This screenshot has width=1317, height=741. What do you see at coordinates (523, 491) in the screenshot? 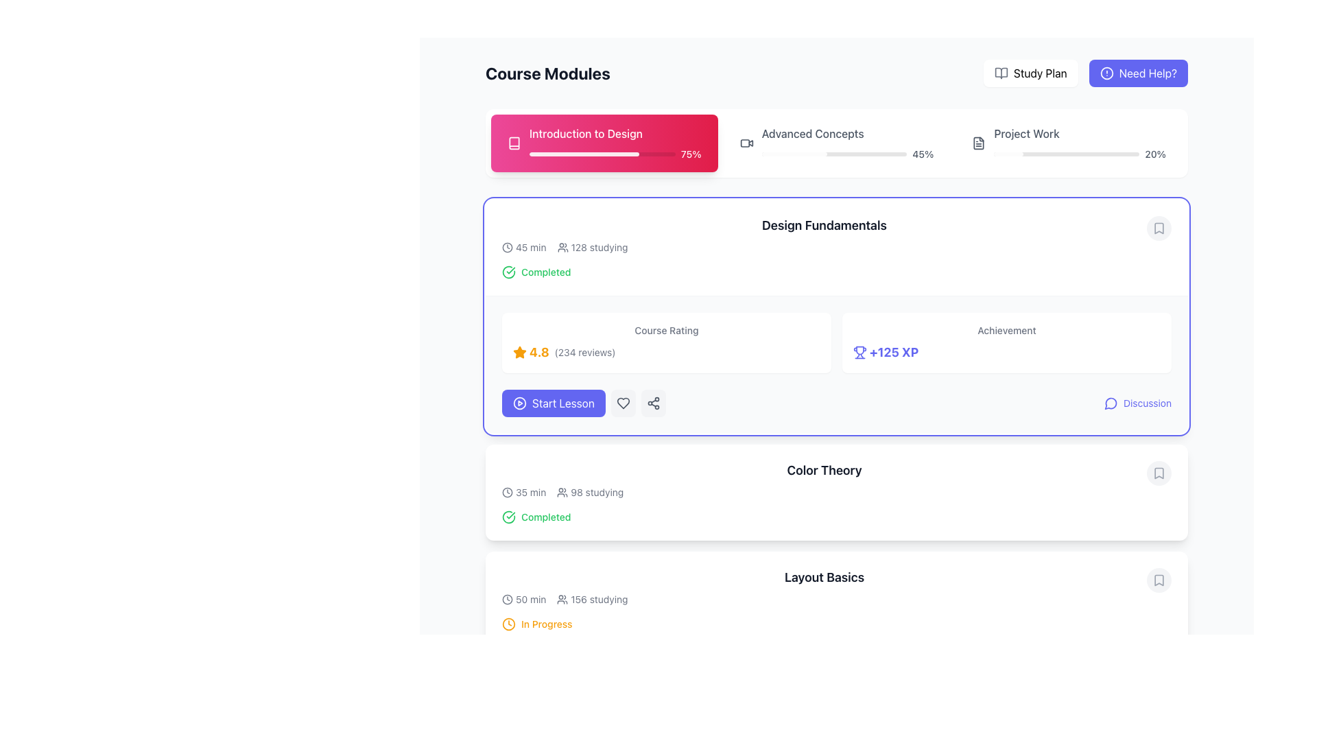
I see `time duration displayed in the text label indicating '35 minutes' in the Color Theory section, positioned in the top-left corner adjacent to the completion status indicator` at bounding box center [523, 491].